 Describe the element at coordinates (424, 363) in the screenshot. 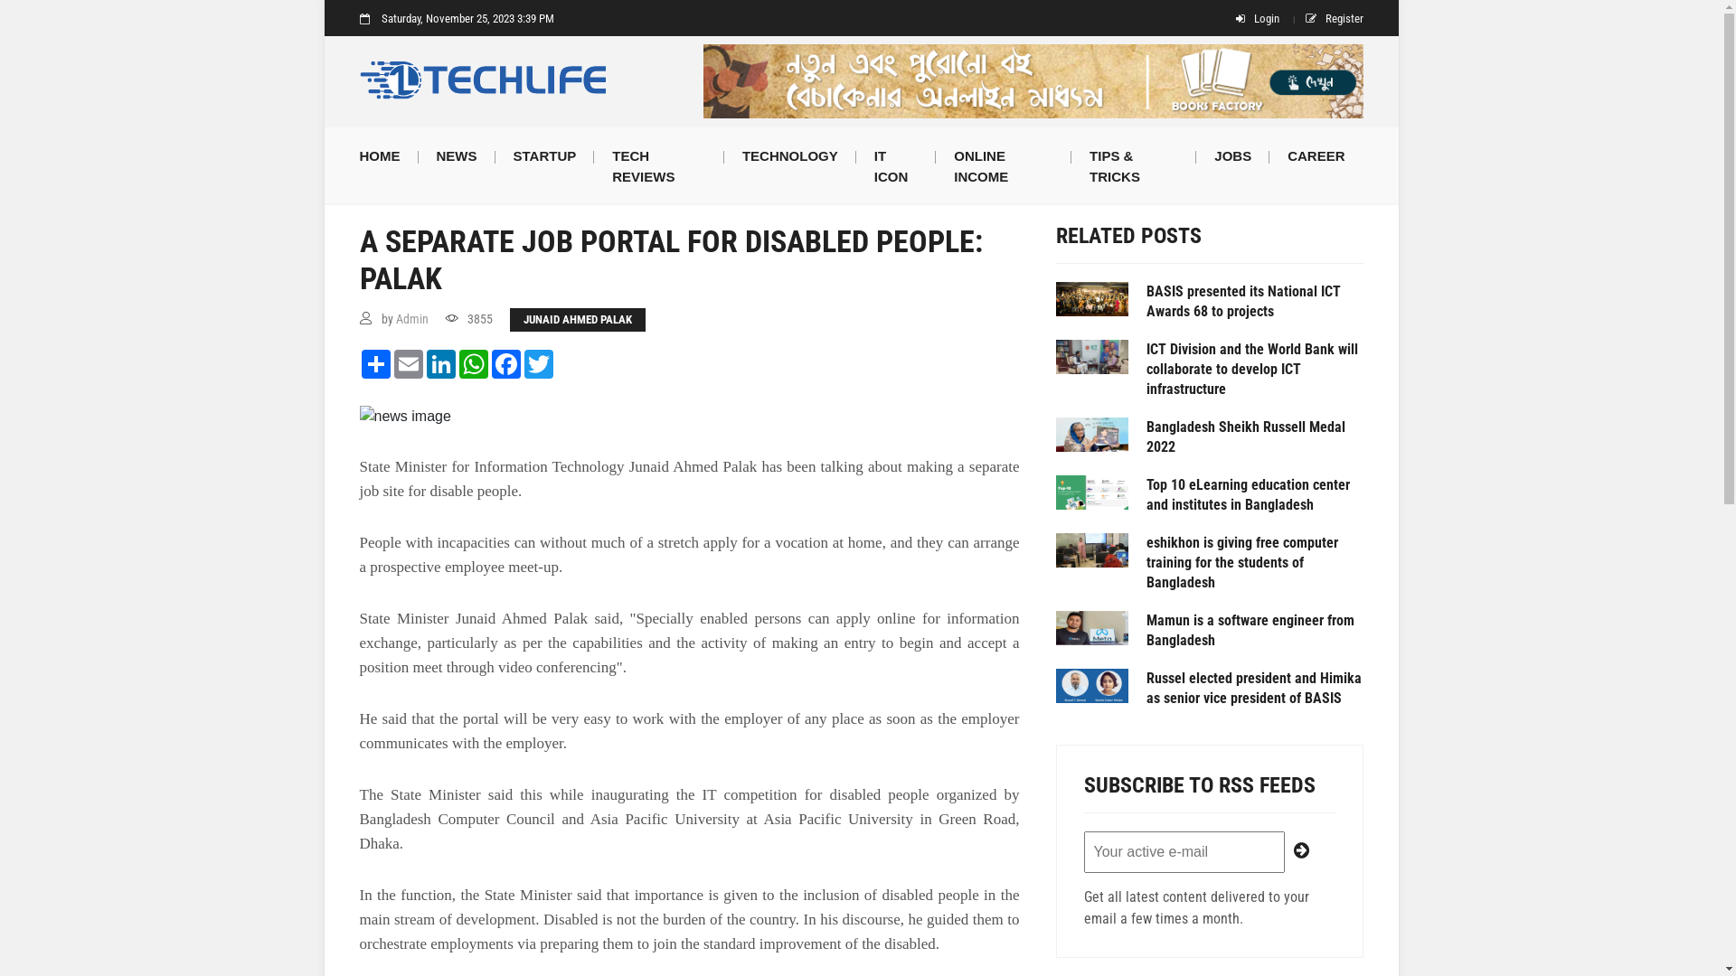

I see `'LinkedIn'` at that location.